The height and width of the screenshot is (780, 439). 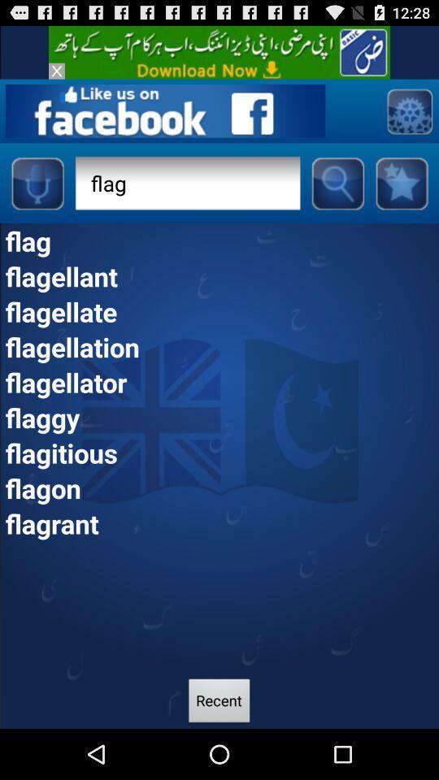 I want to click on speech button, so click(x=37, y=183).